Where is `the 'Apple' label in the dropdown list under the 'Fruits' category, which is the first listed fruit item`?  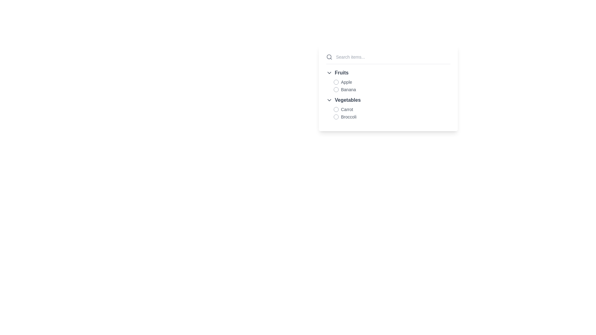 the 'Apple' label in the dropdown list under the 'Fruits' category, which is the first listed fruit item is located at coordinates (346, 82).